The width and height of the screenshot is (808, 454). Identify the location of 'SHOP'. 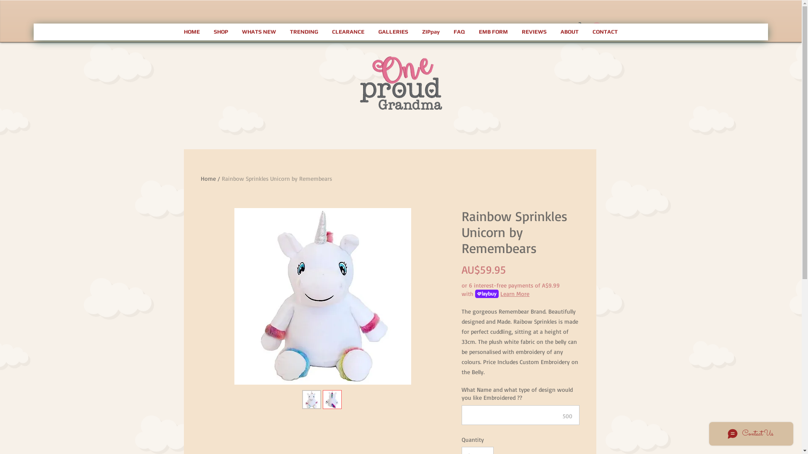
(207, 32).